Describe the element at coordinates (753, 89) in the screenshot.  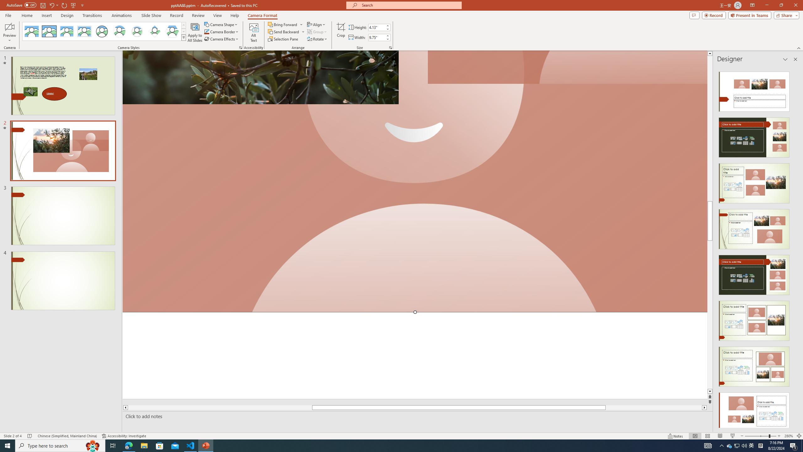
I see `'Recommended Design: Design Idea'` at that location.